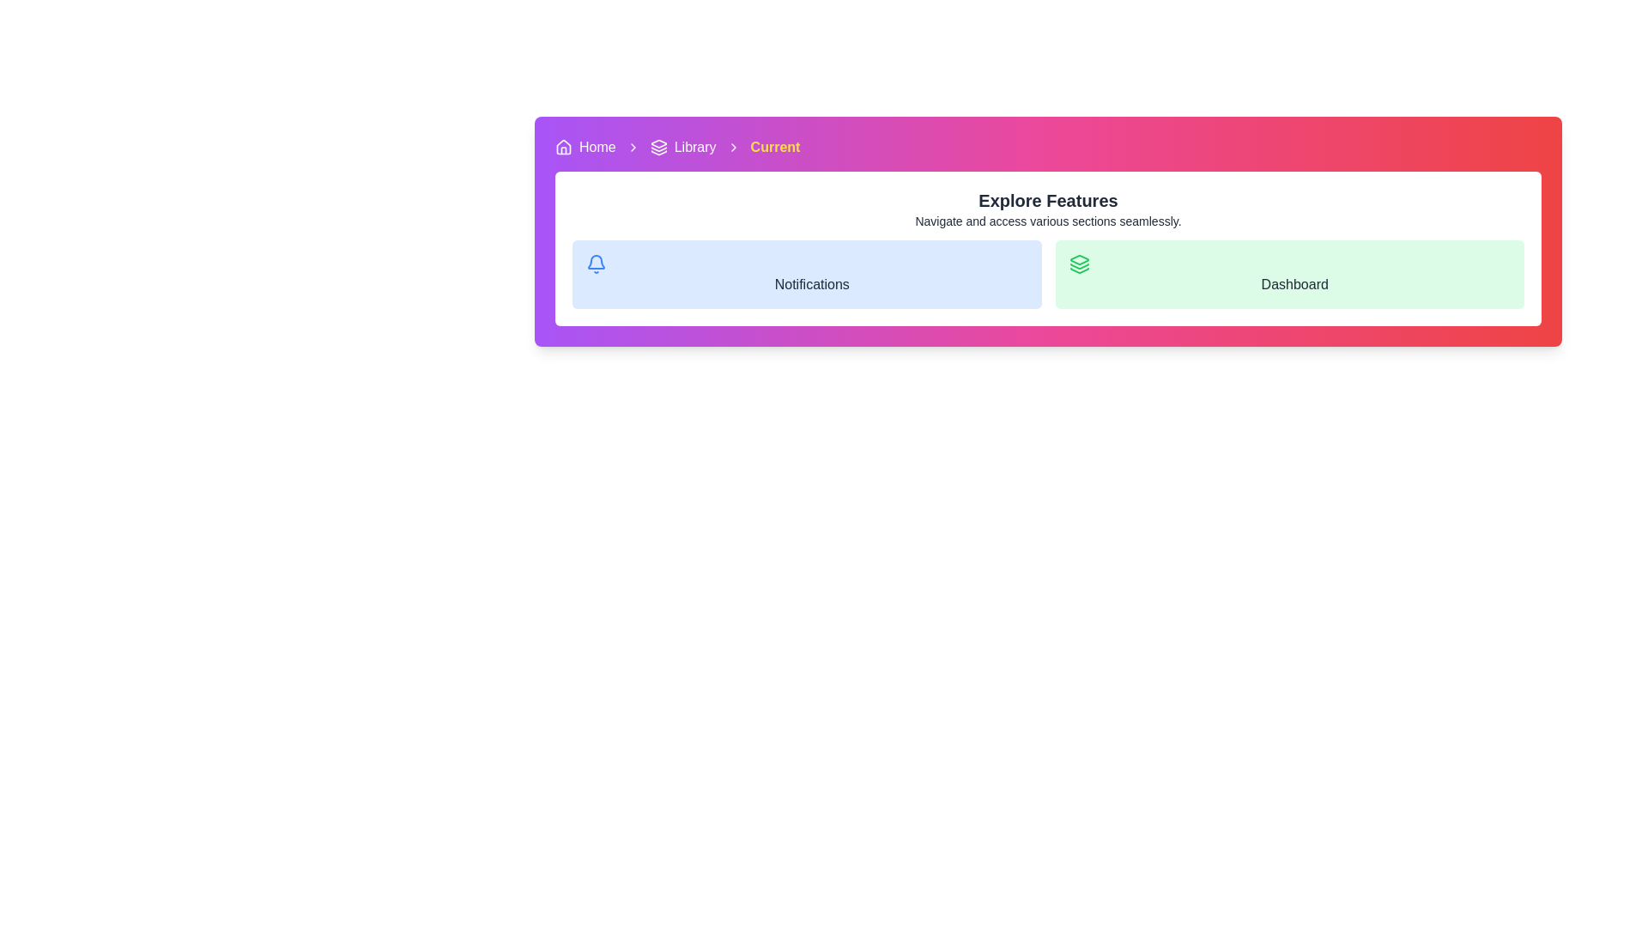 Image resolution: width=1648 pixels, height=927 pixels. I want to click on the 'Home' clickable link in the top navigation bar, so click(597, 147).